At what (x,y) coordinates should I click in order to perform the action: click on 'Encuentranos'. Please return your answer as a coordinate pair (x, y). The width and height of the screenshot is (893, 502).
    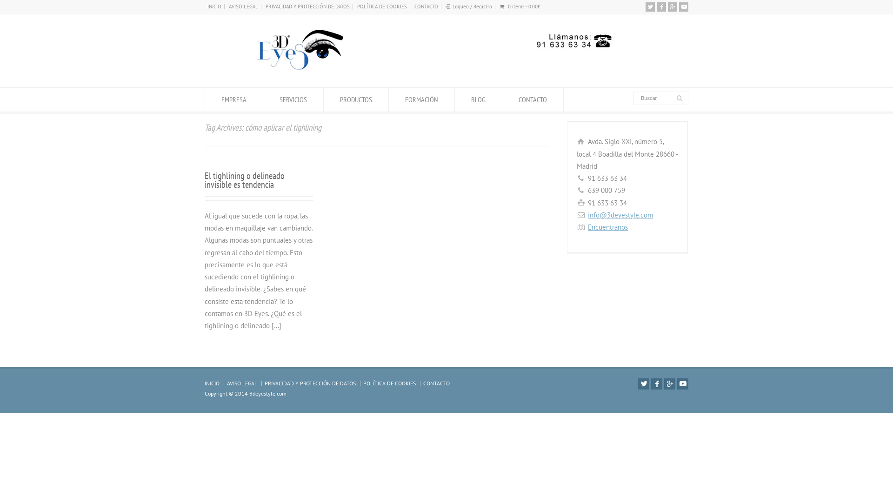
    Looking at the image, I should click on (607, 227).